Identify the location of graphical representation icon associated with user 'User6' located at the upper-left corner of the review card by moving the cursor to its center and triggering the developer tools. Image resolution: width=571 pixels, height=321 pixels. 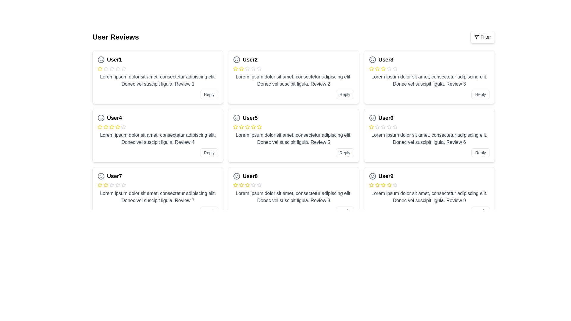
(372, 118).